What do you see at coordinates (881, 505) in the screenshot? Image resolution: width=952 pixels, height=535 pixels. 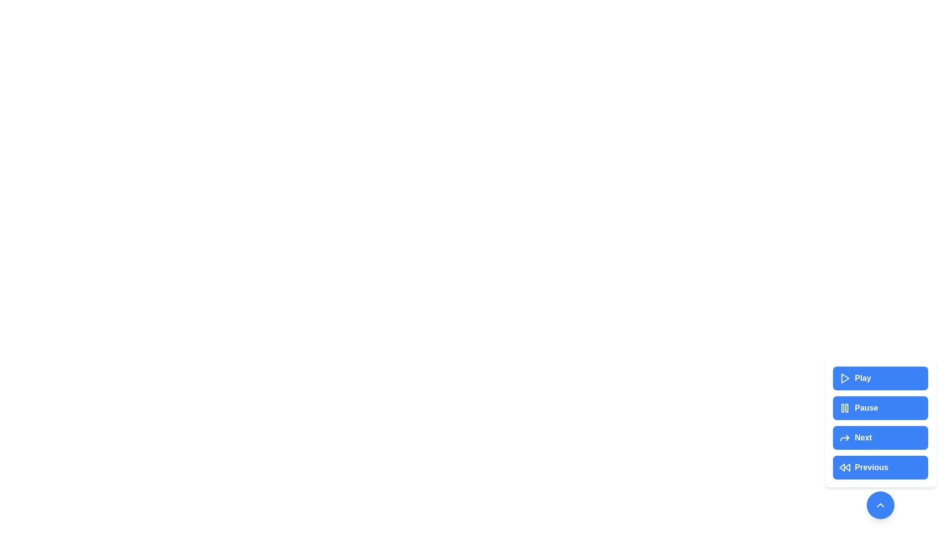 I see `toggle button at the bottom right corner of the interface to toggle the speed dial menu` at bounding box center [881, 505].